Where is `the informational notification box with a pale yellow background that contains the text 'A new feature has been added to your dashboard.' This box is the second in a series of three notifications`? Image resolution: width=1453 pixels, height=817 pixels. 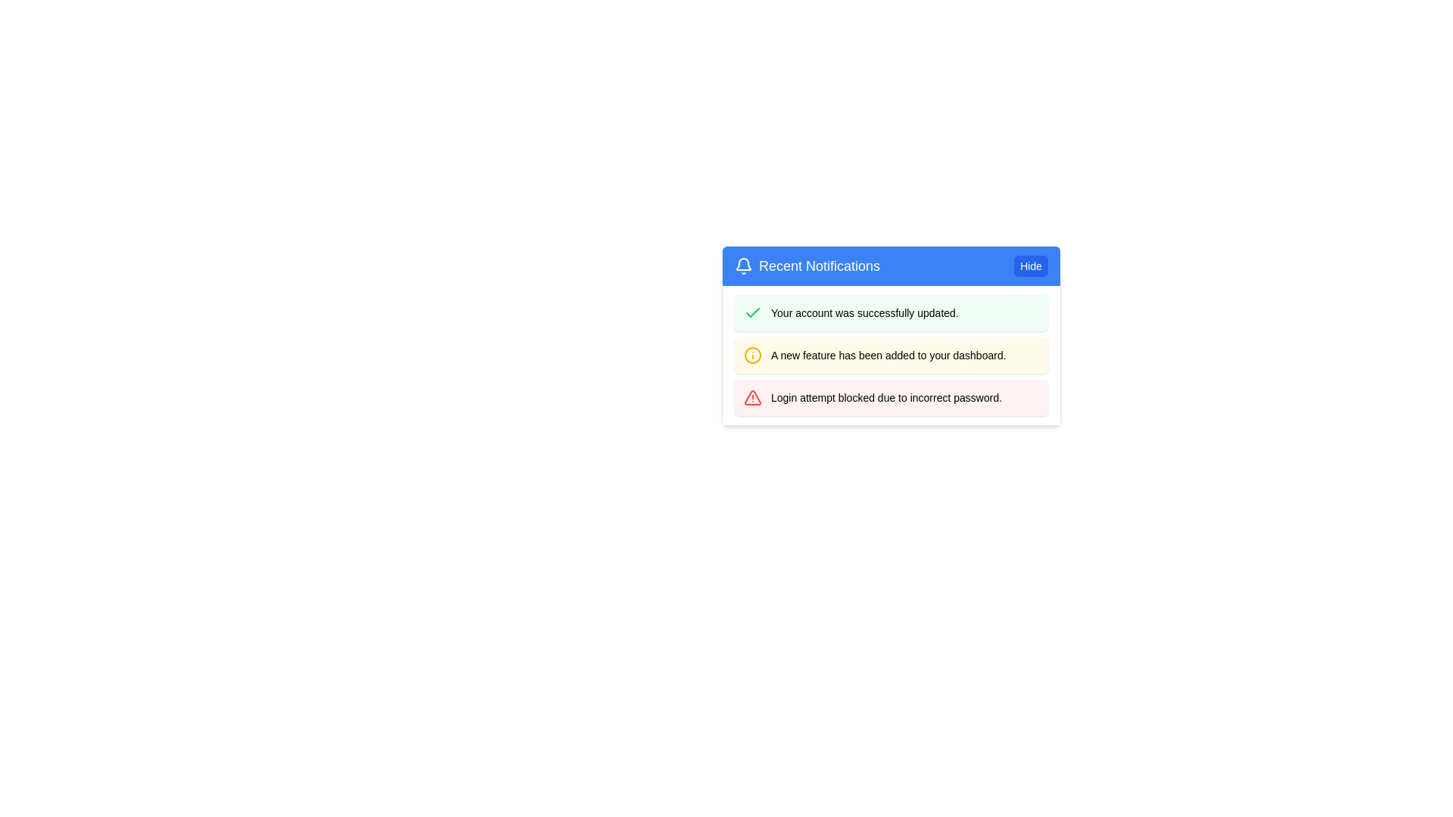
the informational notification box with a pale yellow background that contains the text 'A new feature has been added to your dashboard.' This box is the second in a series of three notifications is located at coordinates (891, 356).